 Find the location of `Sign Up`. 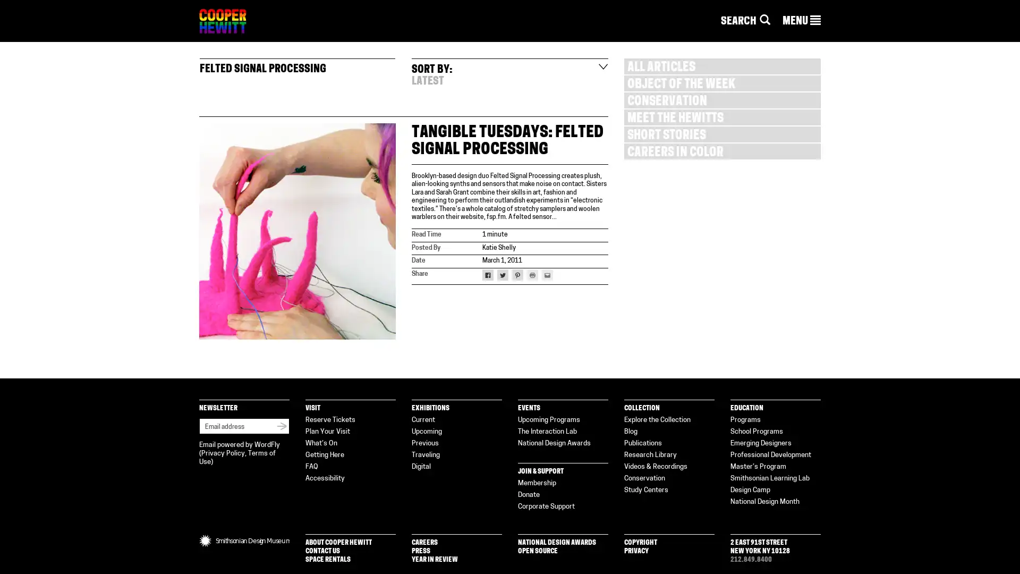

Sign Up is located at coordinates (283, 425).